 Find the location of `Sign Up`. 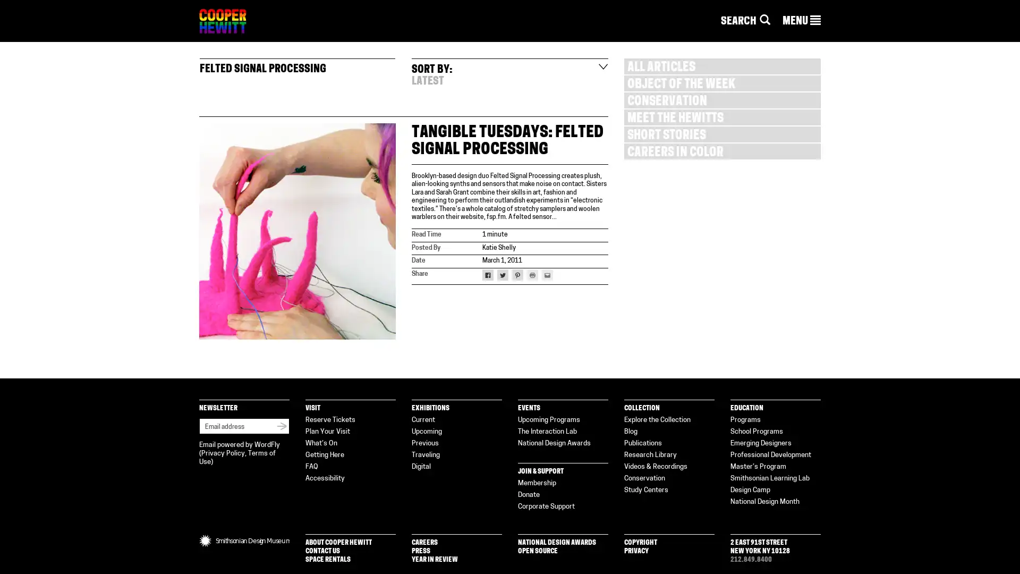

Sign Up is located at coordinates (283, 425).